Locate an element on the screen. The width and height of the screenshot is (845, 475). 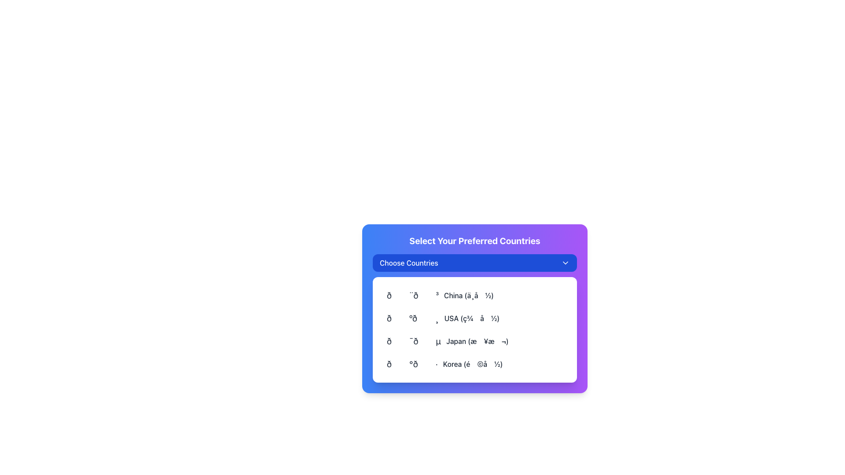
to select the list item option displaying 'Japan (日本)' with the emoji, which is the third option in the country selection dropdown menu is located at coordinates (474, 340).